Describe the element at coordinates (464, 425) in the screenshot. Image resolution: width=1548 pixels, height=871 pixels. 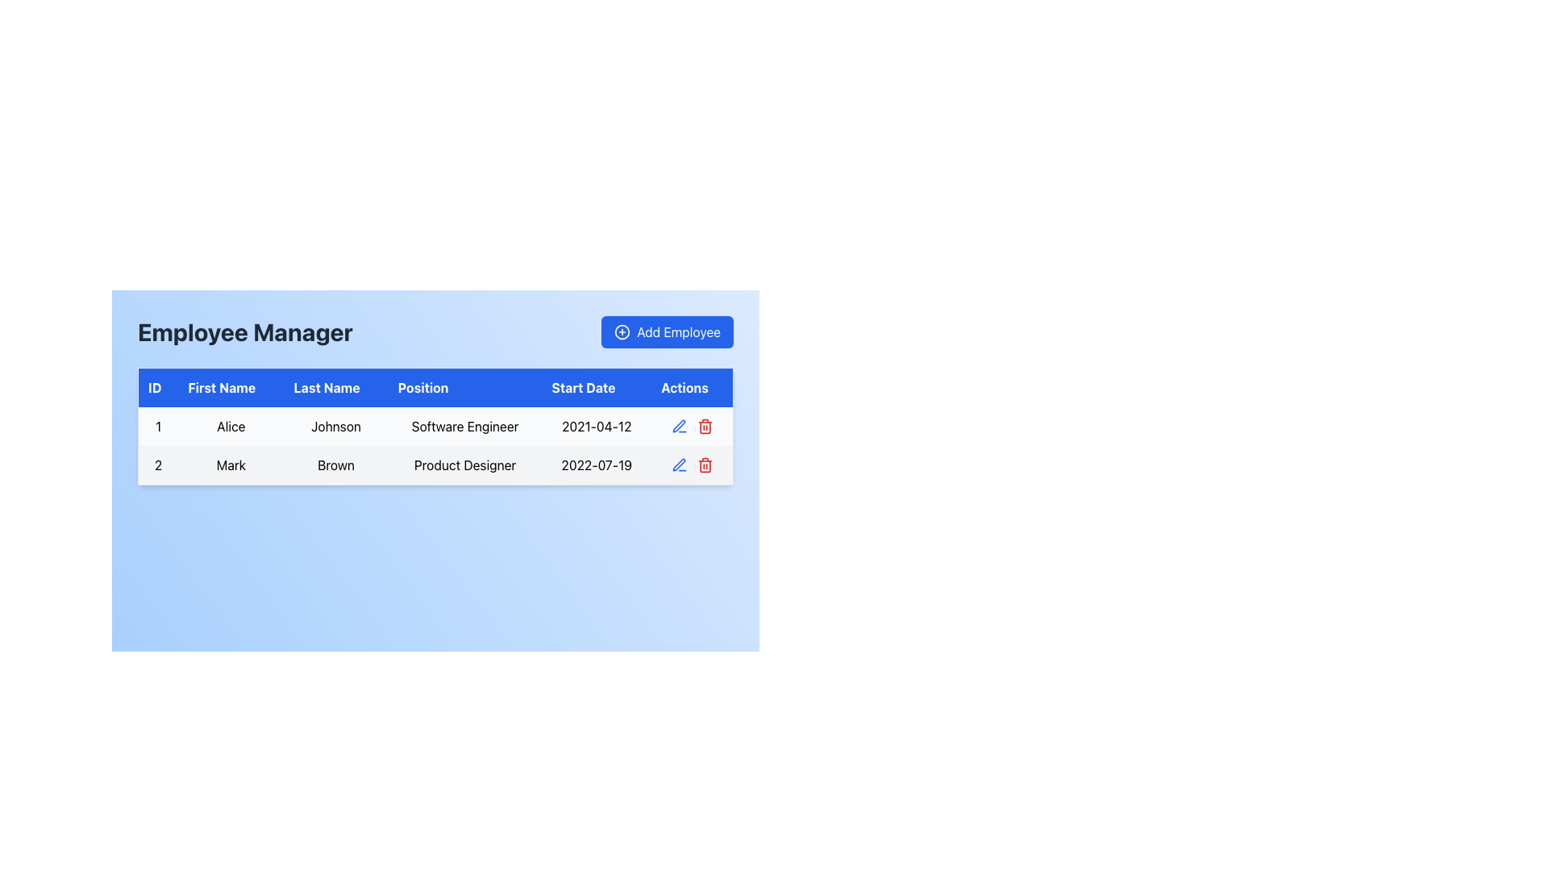
I see `the table cell displaying the job title 'Software Engineer', located in the fourth column of the first row under the 'Position' header` at that location.